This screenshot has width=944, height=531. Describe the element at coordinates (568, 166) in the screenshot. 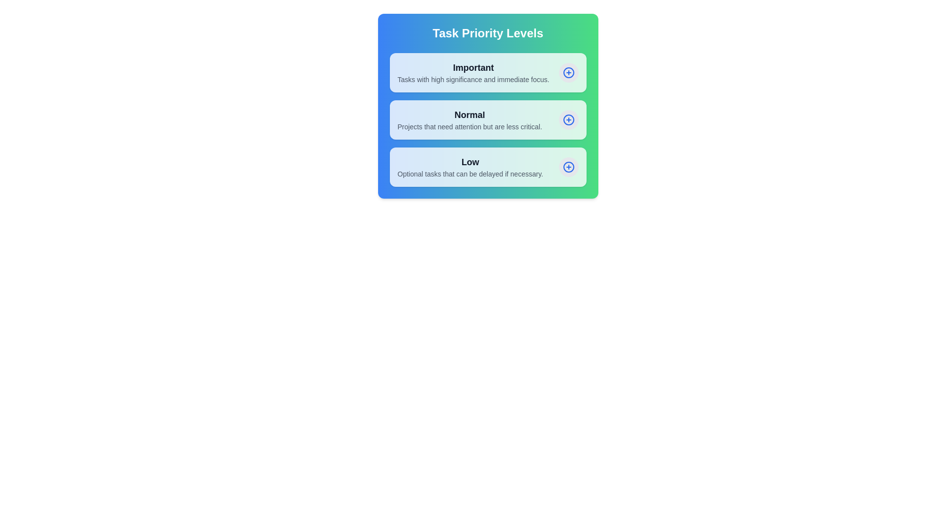

I see `the icon located in the 'Low' priority section of the 'Task Priority Levels'` at that location.